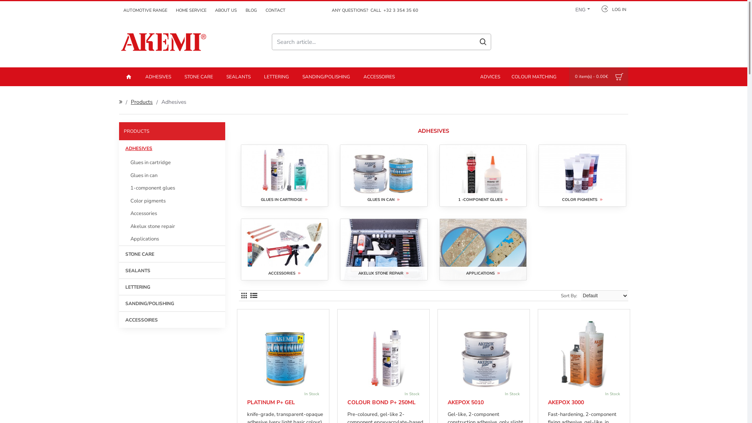 The height and width of the screenshot is (423, 752). Describe the element at coordinates (483, 249) in the screenshot. I see `'APPLICATIONS'` at that location.